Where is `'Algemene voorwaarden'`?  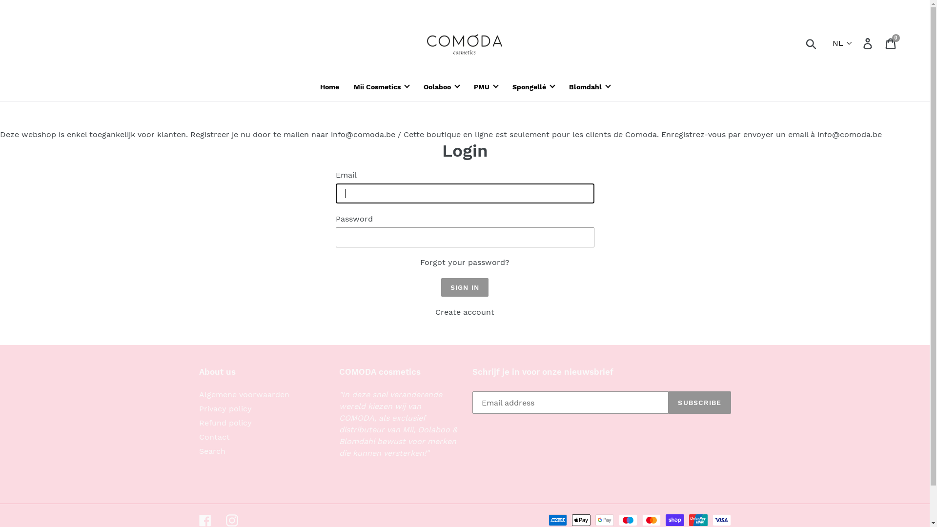 'Algemene voorwaarden' is located at coordinates (244, 394).